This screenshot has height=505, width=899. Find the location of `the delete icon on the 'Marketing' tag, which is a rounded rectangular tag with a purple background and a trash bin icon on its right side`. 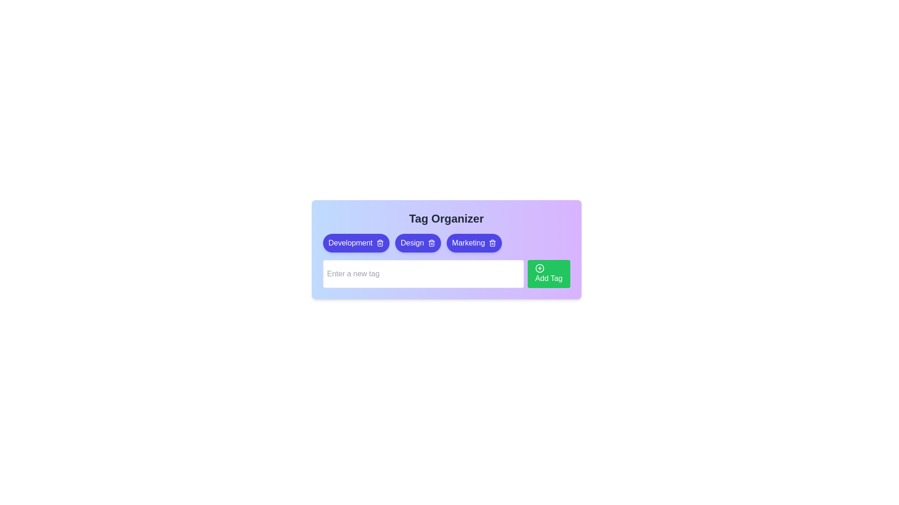

the delete icon on the 'Marketing' tag, which is a rounded rectangular tag with a purple background and a trash bin icon on its right side is located at coordinates (474, 243).